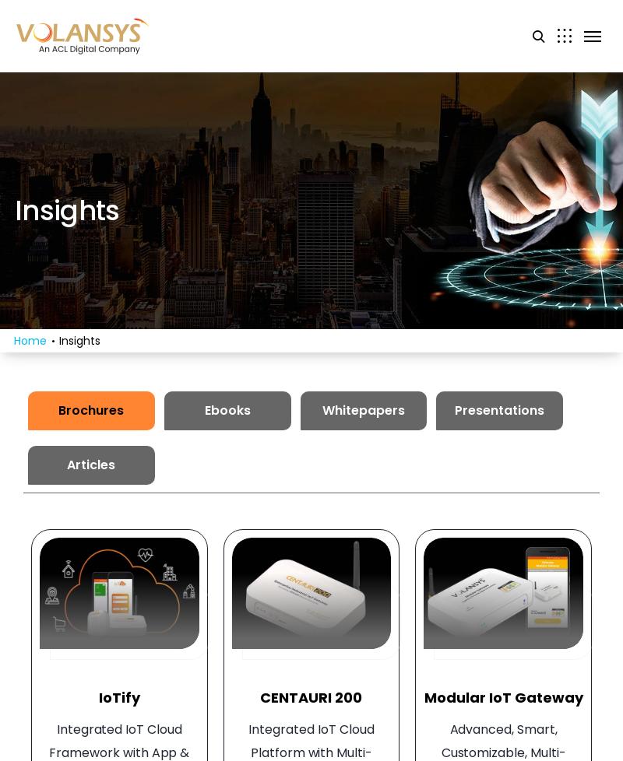 Image resolution: width=623 pixels, height=761 pixels. I want to click on 'CENTAURI 200', so click(310, 696).